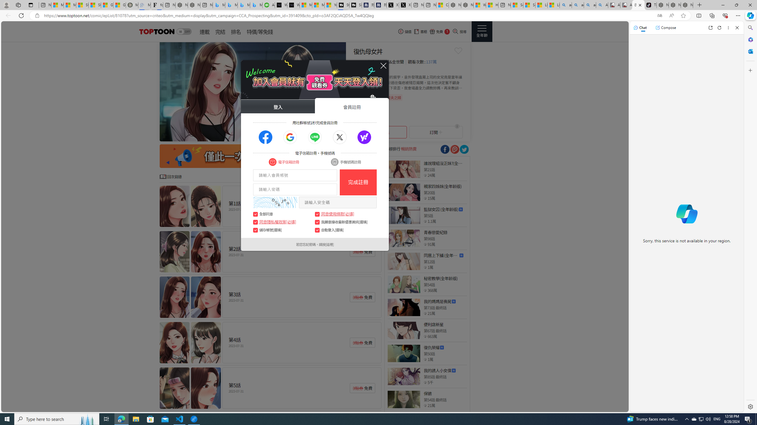  I want to click on 'Nordace - Best Sellers', so click(663, 5).